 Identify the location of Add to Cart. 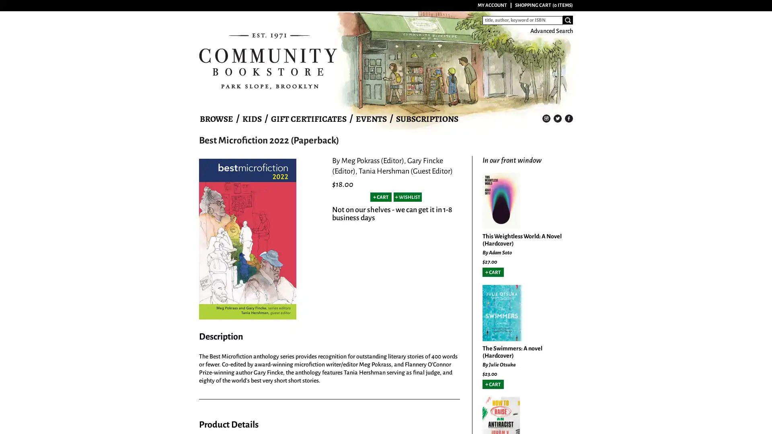
(493, 384).